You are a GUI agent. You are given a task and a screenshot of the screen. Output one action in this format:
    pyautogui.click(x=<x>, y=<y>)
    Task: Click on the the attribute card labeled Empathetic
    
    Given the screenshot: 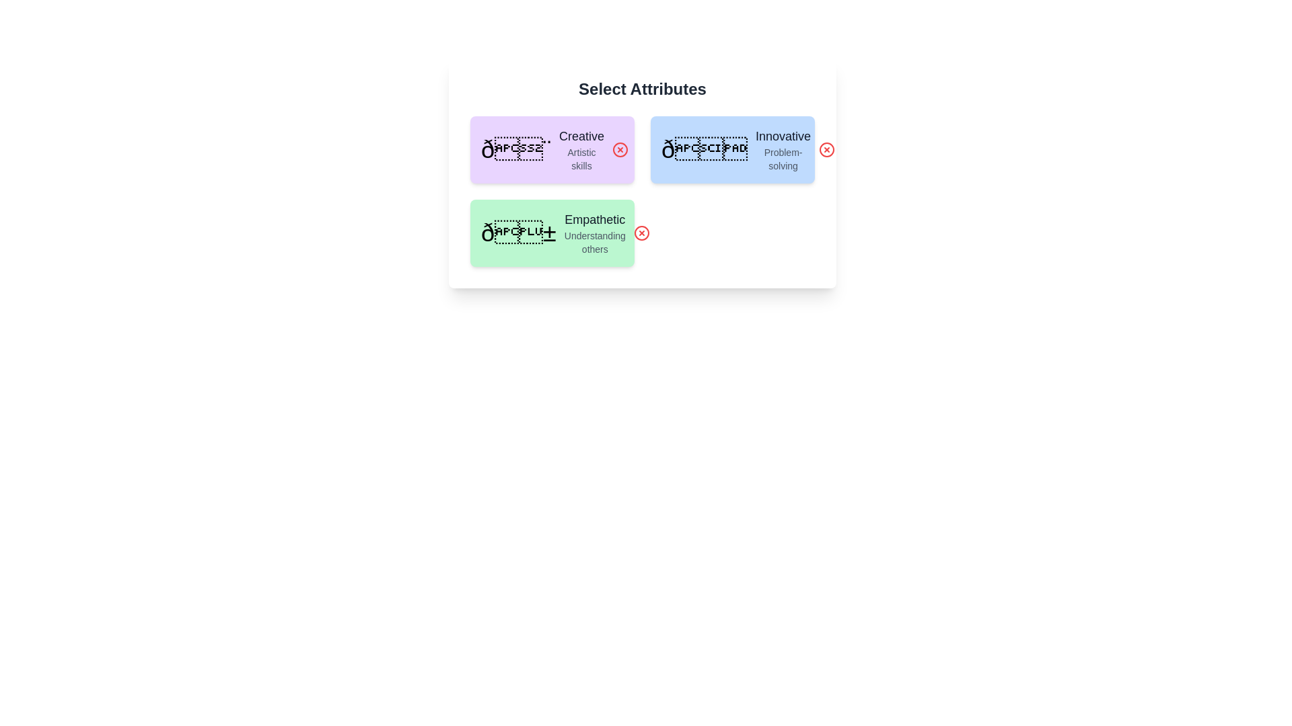 What is the action you would take?
    pyautogui.click(x=552, y=233)
    